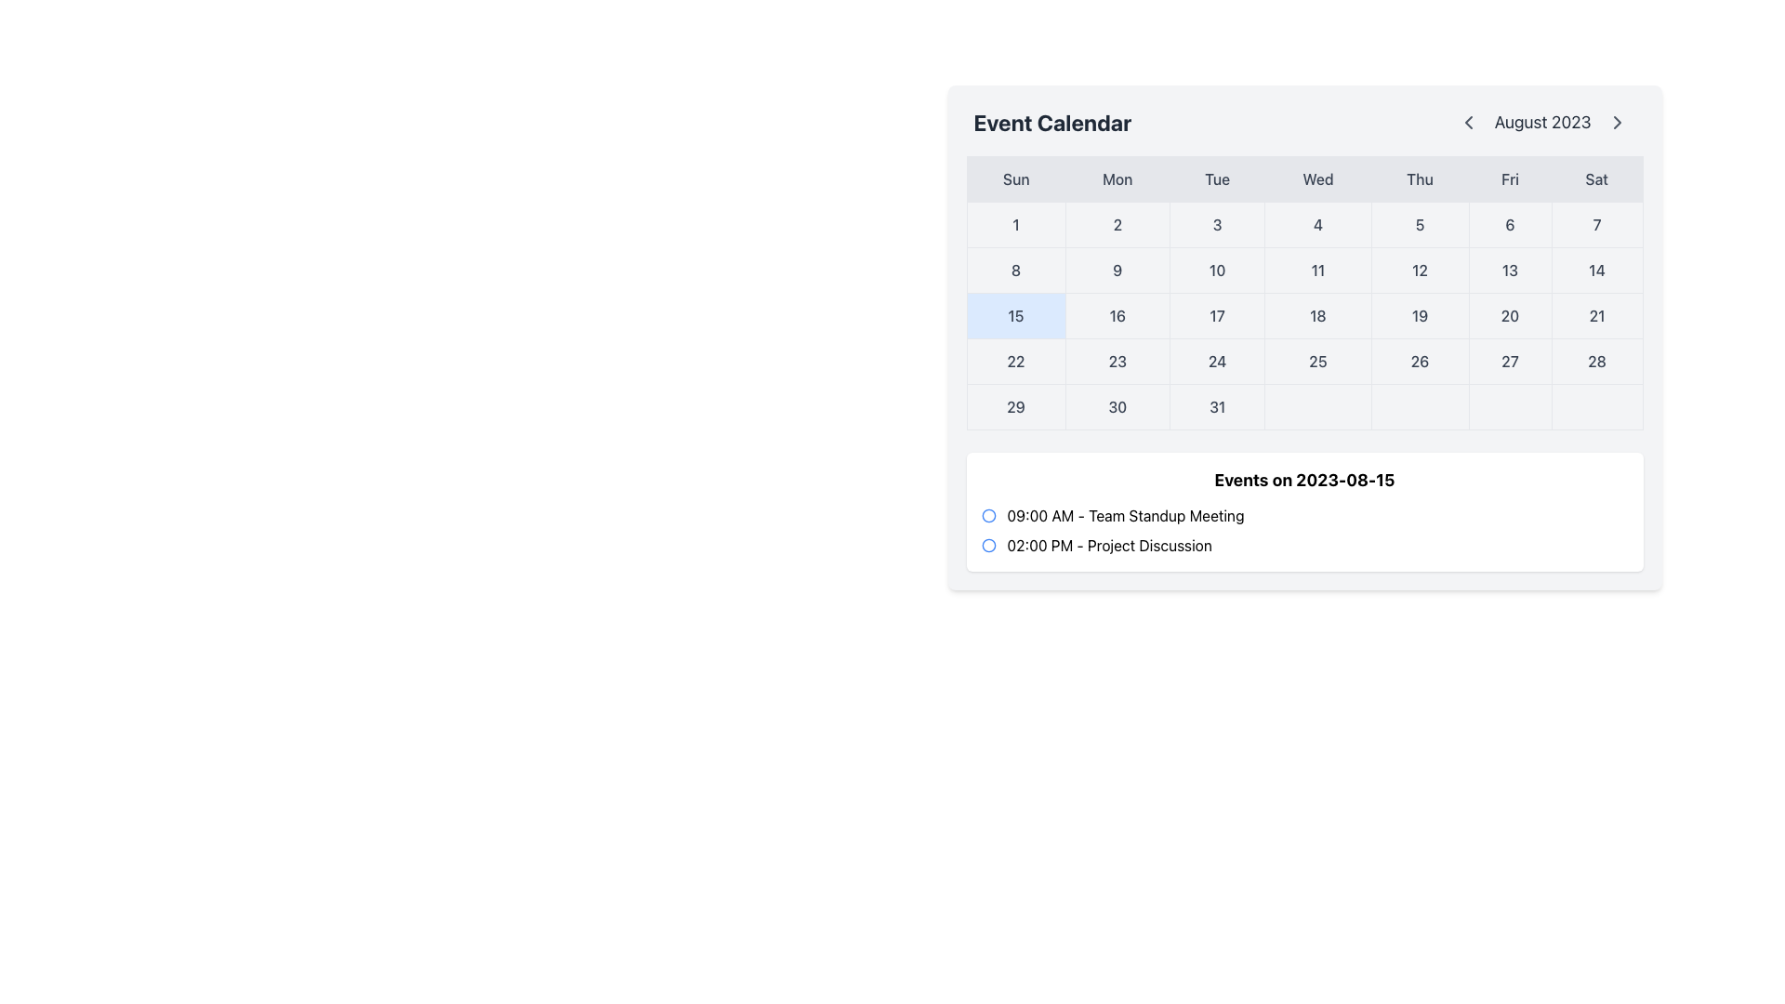  I want to click on the Navigation Icon located in the top-right corner of the 'Event Calendar' panel, so click(1467, 122).